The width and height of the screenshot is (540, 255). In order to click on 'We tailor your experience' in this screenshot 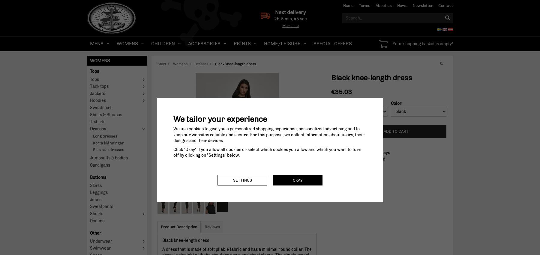, I will do `click(219, 119)`.